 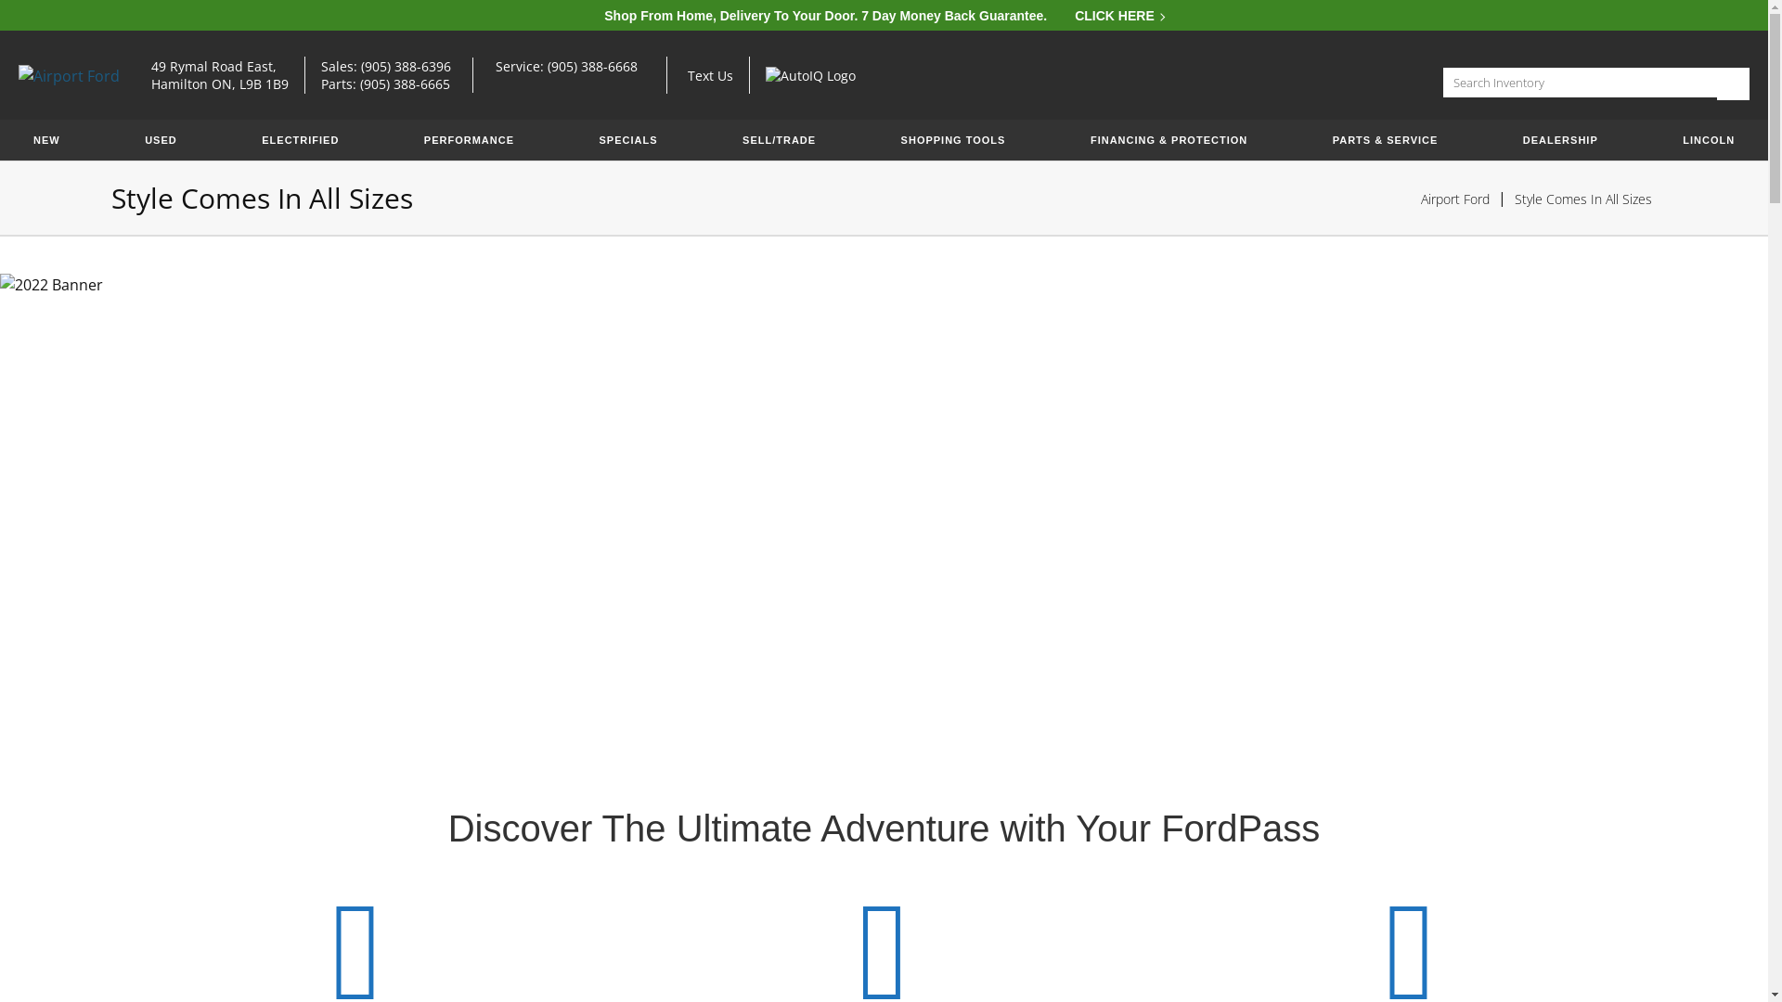 I want to click on 'DEALERSHIP', so click(x=1508, y=139).